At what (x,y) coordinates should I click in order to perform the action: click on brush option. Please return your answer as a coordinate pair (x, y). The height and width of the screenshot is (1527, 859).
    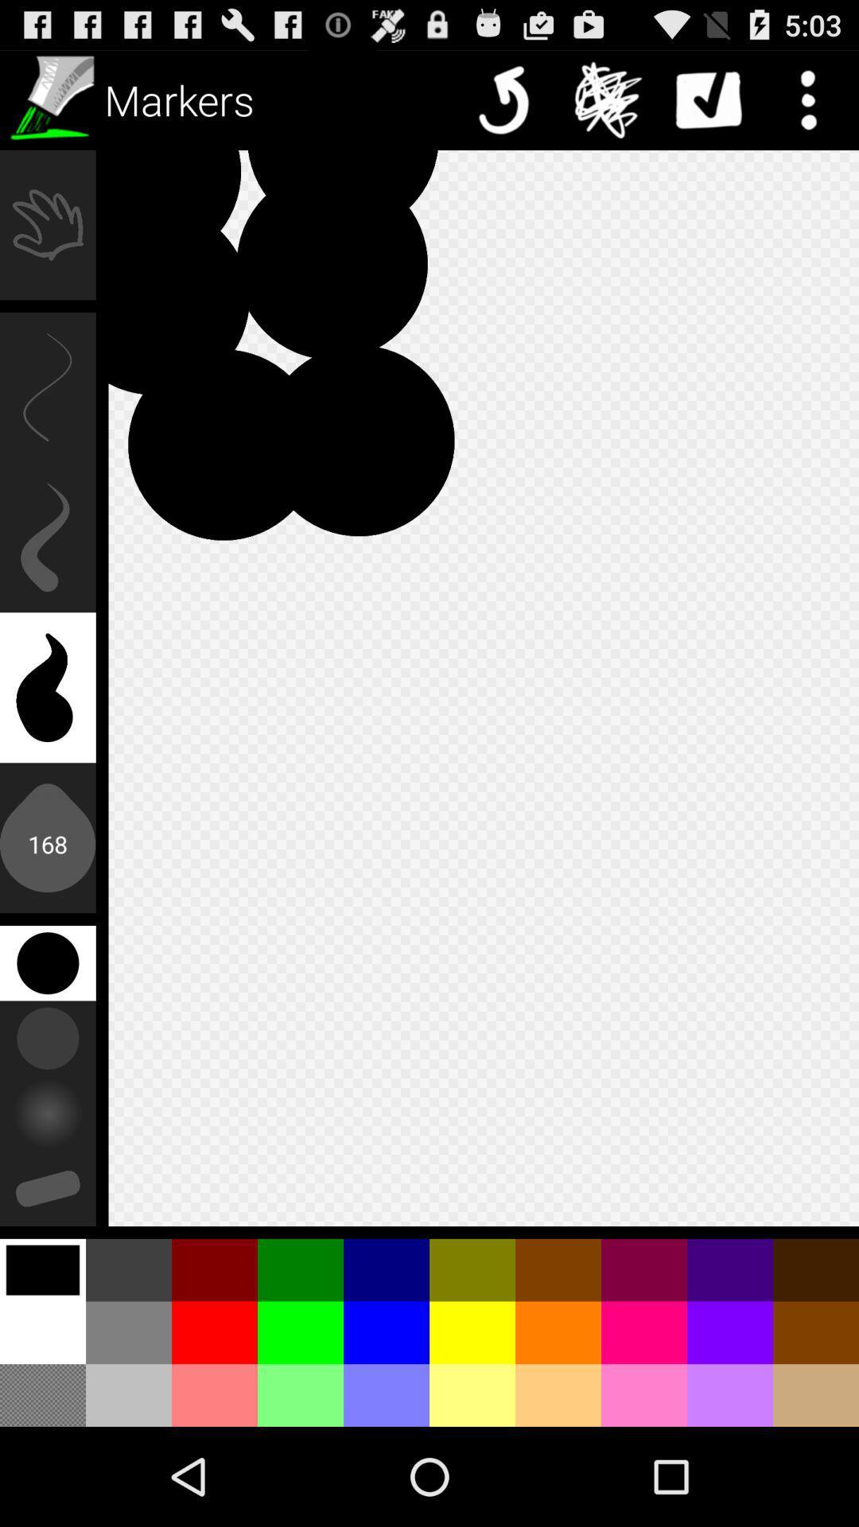
    Looking at the image, I should click on (49, 99).